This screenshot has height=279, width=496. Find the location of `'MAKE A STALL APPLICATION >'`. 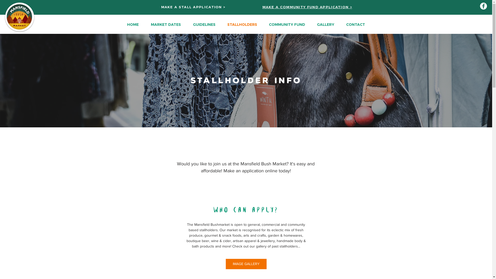

'MAKE A STALL APPLICATION >' is located at coordinates (193, 7).